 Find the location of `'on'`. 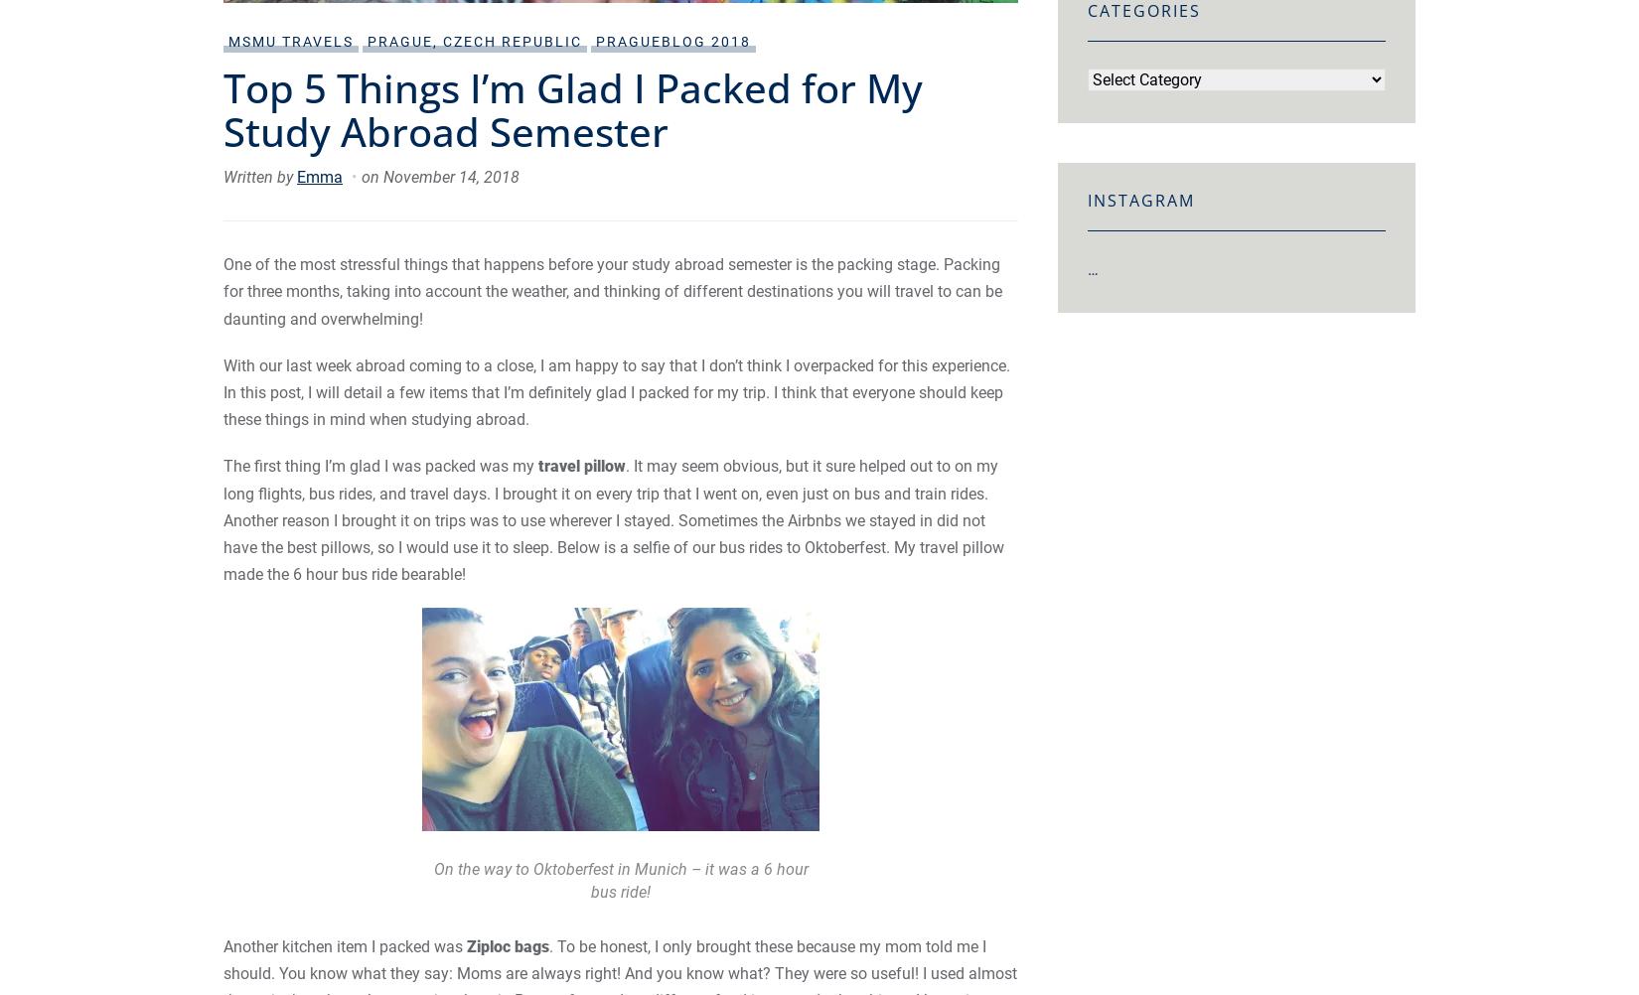

'on' is located at coordinates (372, 177).